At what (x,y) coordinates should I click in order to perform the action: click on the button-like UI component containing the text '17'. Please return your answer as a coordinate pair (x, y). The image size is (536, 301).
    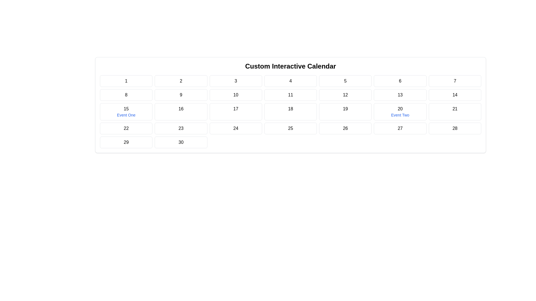
    Looking at the image, I should click on (236, 112).